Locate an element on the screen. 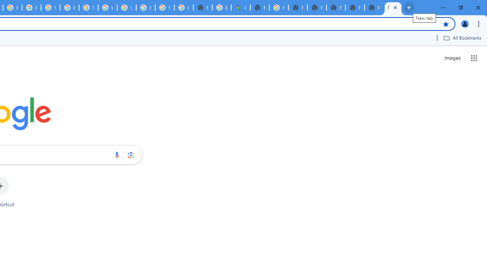 The image size is (487, 274). 'Search for Images ' is located at coordinates (452, 58).